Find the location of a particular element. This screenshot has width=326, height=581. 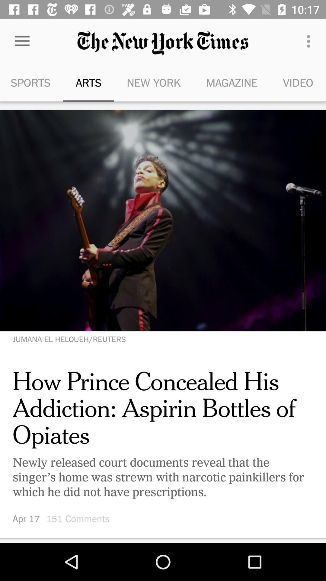

the icon above sports icon is located at coordinates (22, 41).